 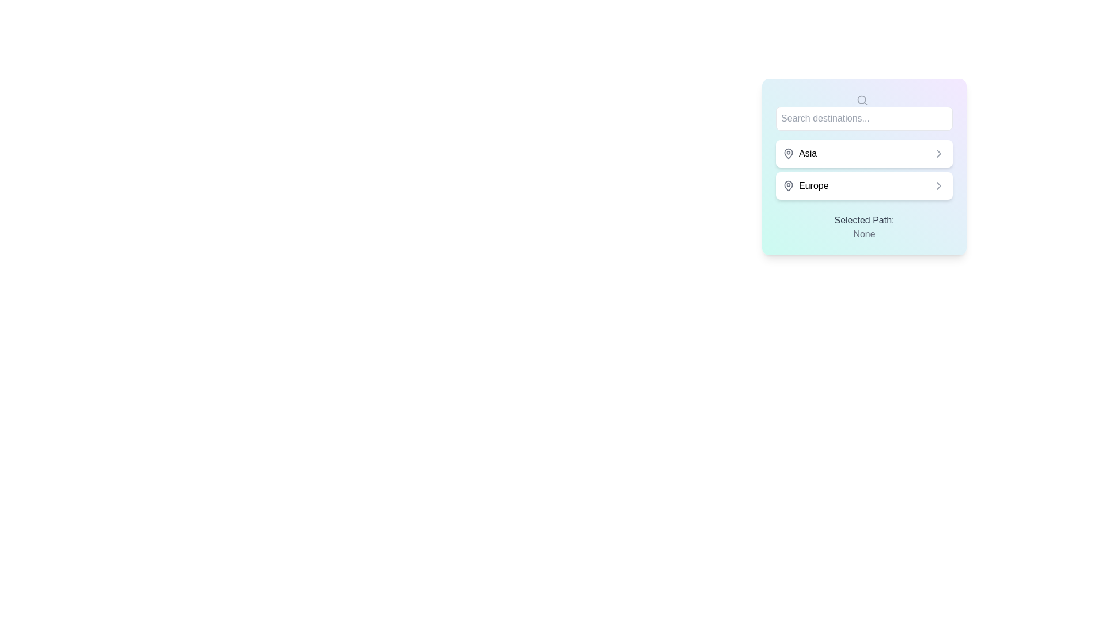 What do you see at coordinates (939, 153) in the screenshot?
I see `the chevron-shaped icon located to the right of the 'Asia' label` at bounding box center [939, 153].